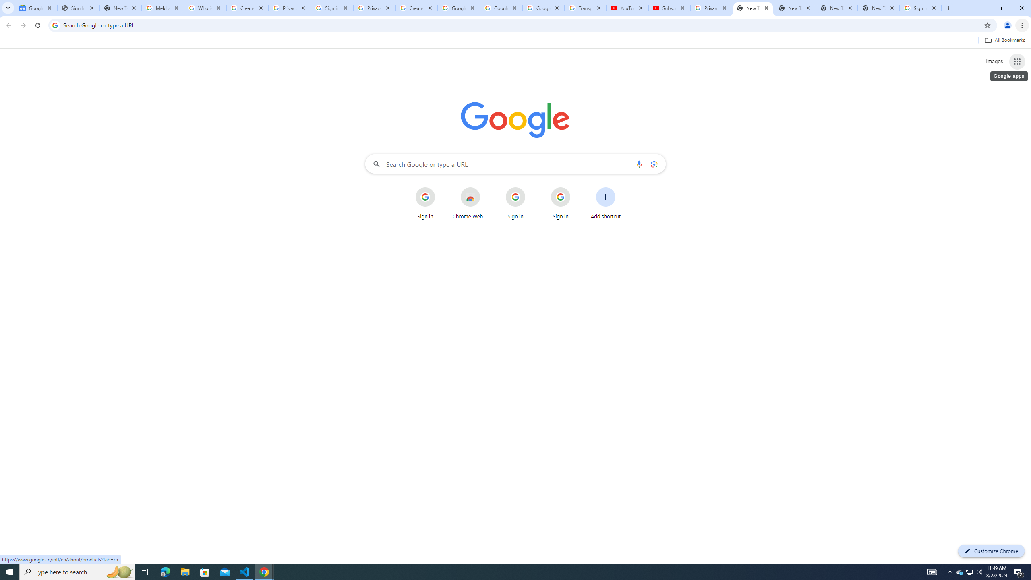 Image resolution: width=1031 pixels, height=580 pixels. What do you see at coordinates (416, 8) in the screenshot?
I see `'Create your Google Account'` at bounding box center [416, 8].